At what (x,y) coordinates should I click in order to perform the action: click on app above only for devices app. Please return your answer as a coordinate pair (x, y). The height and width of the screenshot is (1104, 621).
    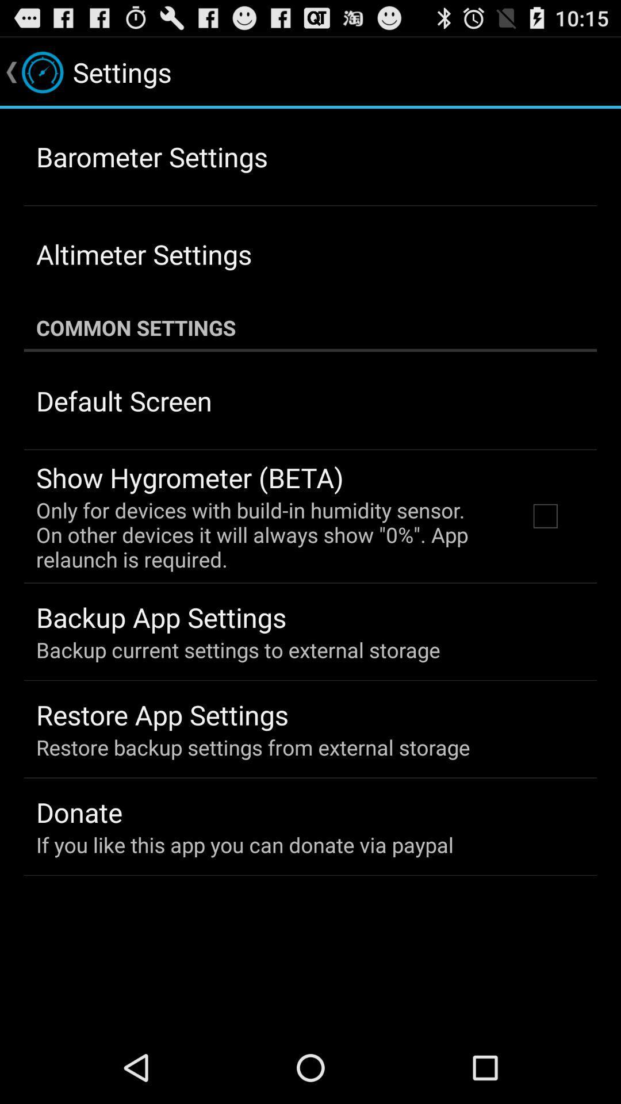
    Looking at the image, I should click on (189, 477).